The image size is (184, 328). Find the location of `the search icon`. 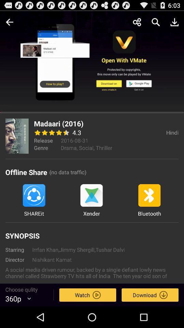

the search icon is located at coordinates (156, 24).